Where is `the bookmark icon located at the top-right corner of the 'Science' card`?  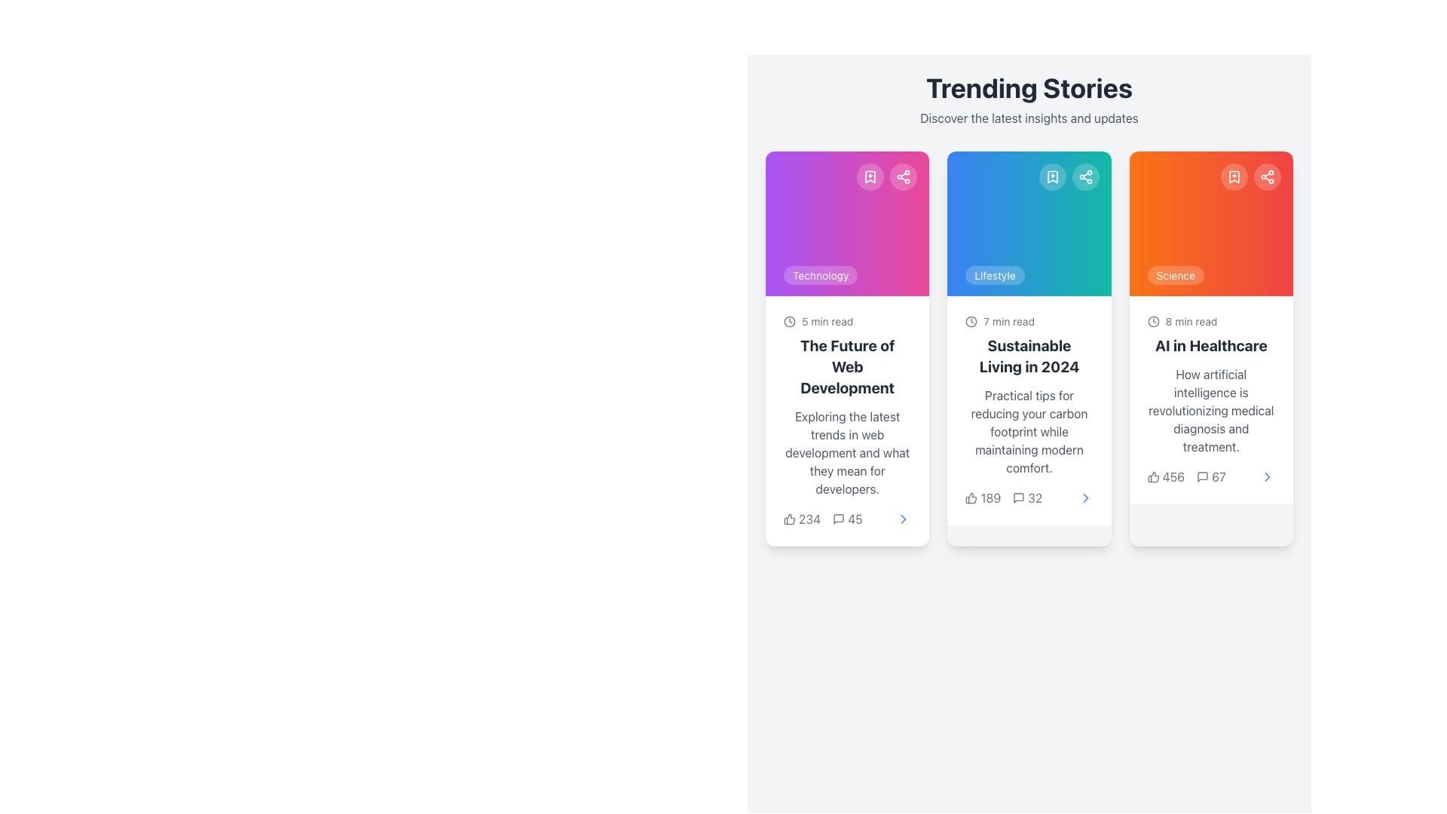
the bookmark icon located at the top-right corner of the 'Science' card is located at coordinates (1234, 176).